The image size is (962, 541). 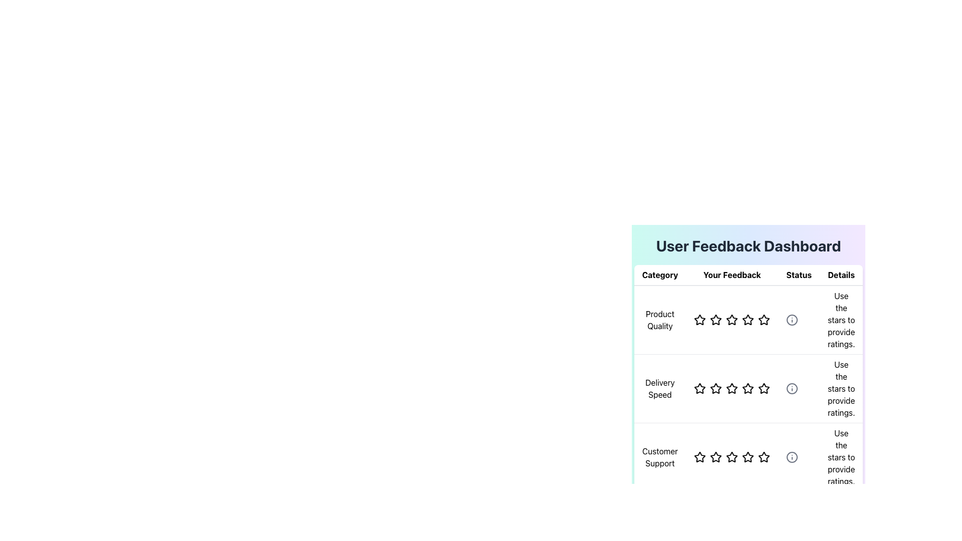 What do you see at coordinates (748, 388) in the screenshot?
I see `the fourth unfilled star icon in the 'Delivery Speed' row under the 'Your Feedback' column` at bounding box center [748, 388].